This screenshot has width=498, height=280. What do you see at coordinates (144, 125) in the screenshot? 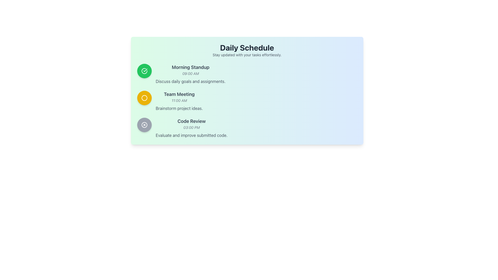
I see `the decorative circle or status indicator located in the 'Code Review' section, which is a circular outline with a radius of 10 units, aligned to the left of the 'Code Review' heading` at bounding box center [144, 125].